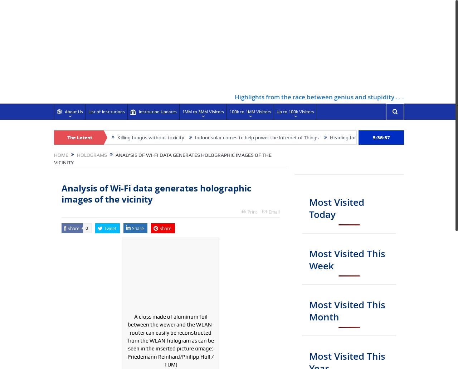  I want to click on '0', so click(86, 228).